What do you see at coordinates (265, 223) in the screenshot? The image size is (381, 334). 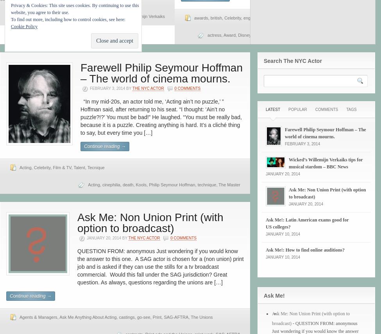 I see `'Ask Me!: Latin American exams good for US colleges?'` at bounding box center [265, 223].